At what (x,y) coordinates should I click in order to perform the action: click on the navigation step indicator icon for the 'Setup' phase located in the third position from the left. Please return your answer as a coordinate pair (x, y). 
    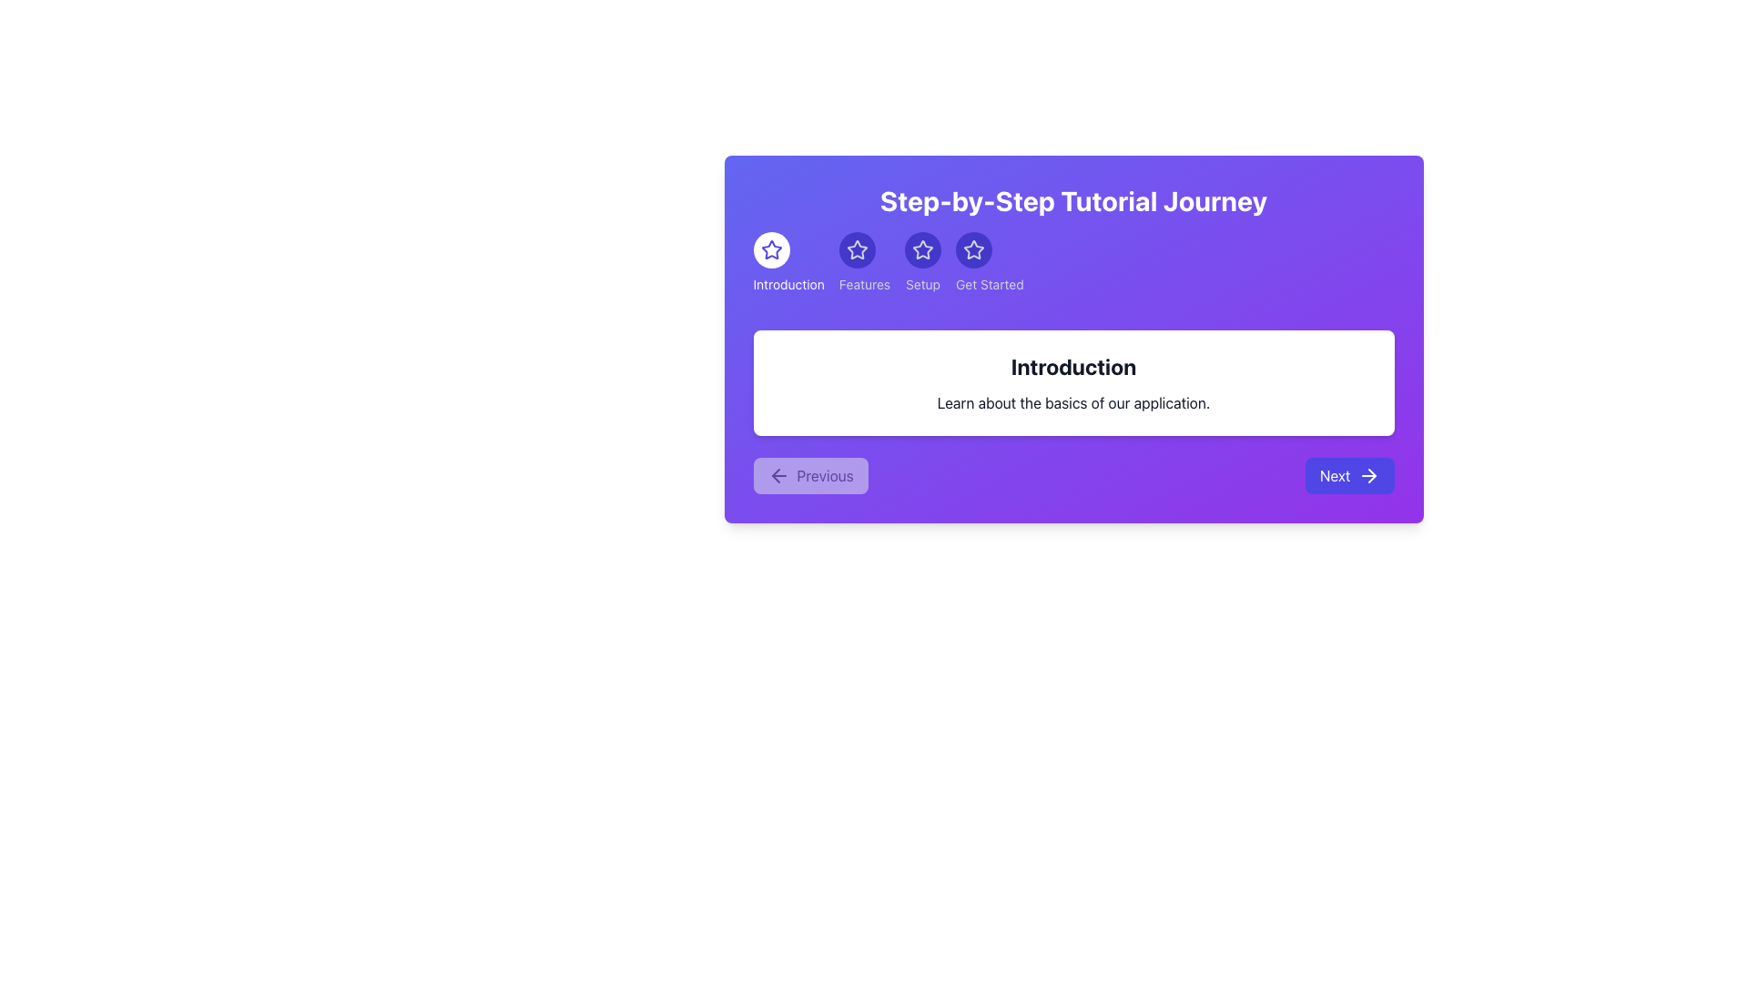
    Looking at the image, I should click on (923, 249).